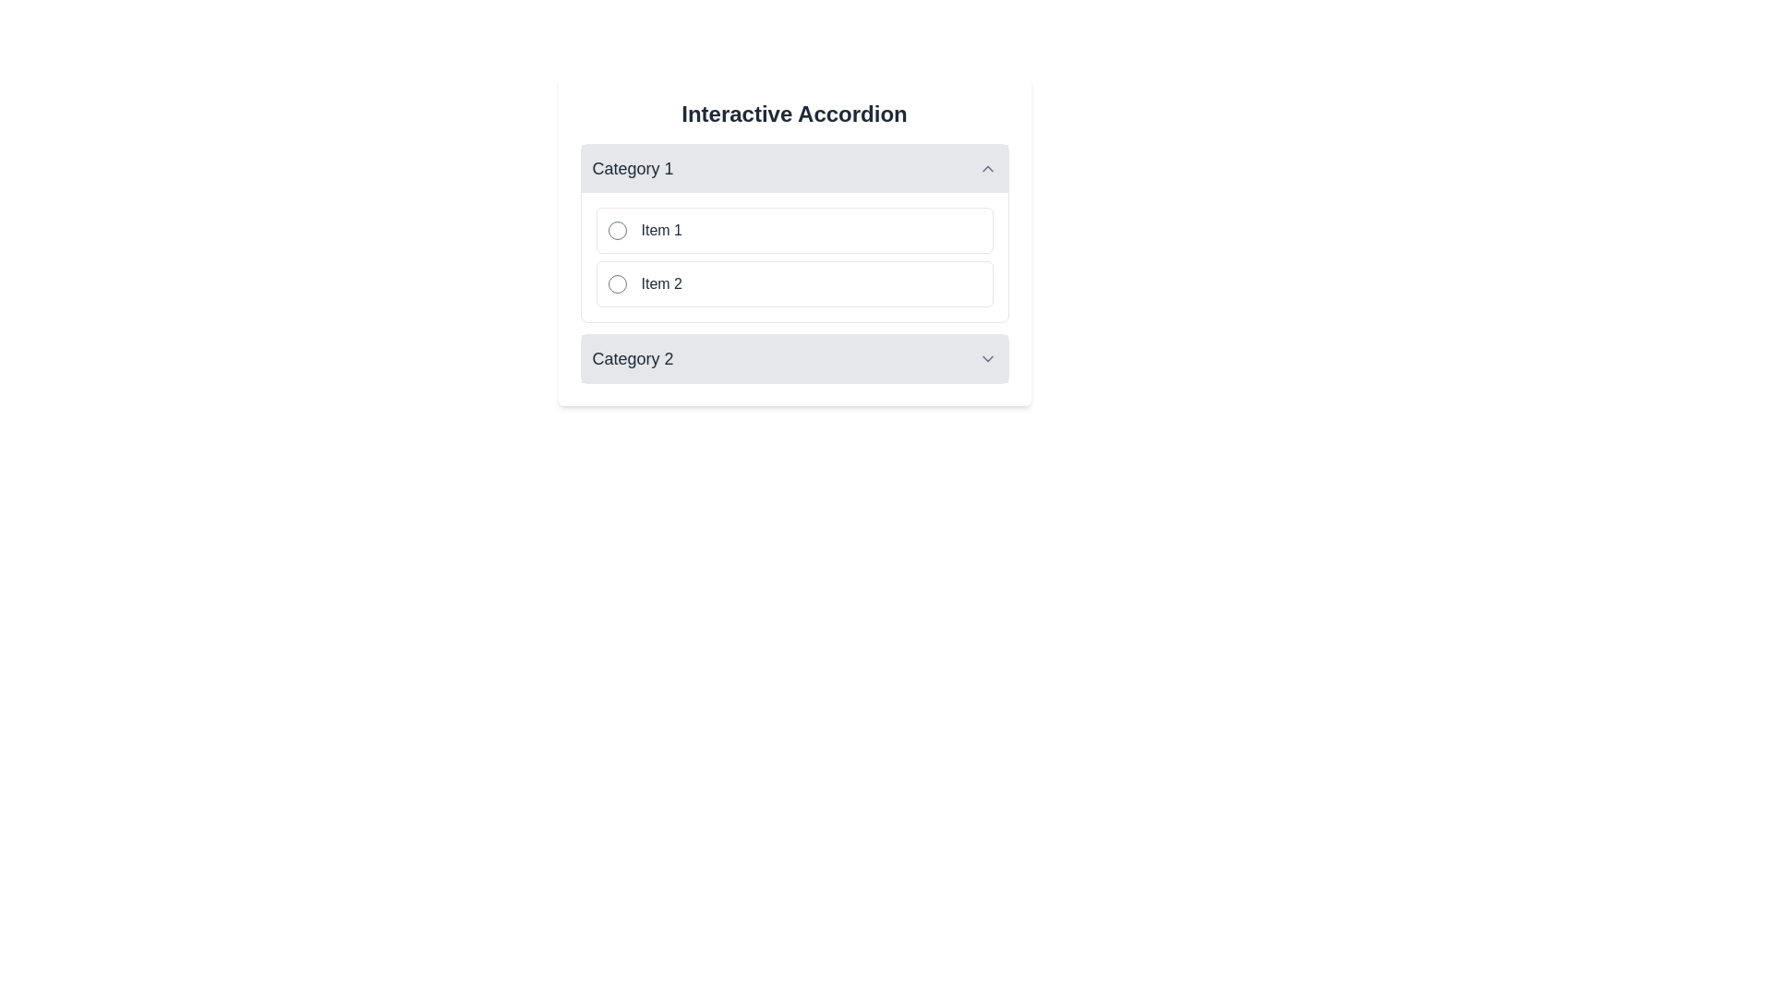 This screenshot has width=1773, height=997. What do you see at coordinates (794, 114) in the screenshot?
I see `the bold heading 'Interactive Accordion' at the top center of the accordion interface` at bounding box center [794, 114].